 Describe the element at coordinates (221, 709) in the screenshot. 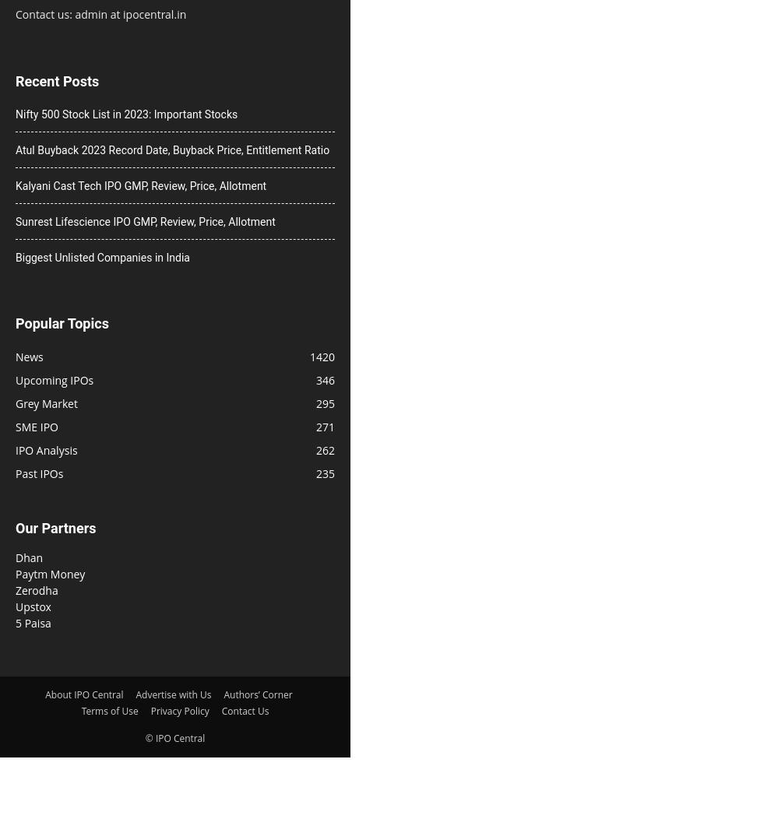

I see `'Contact Us'` at that location.